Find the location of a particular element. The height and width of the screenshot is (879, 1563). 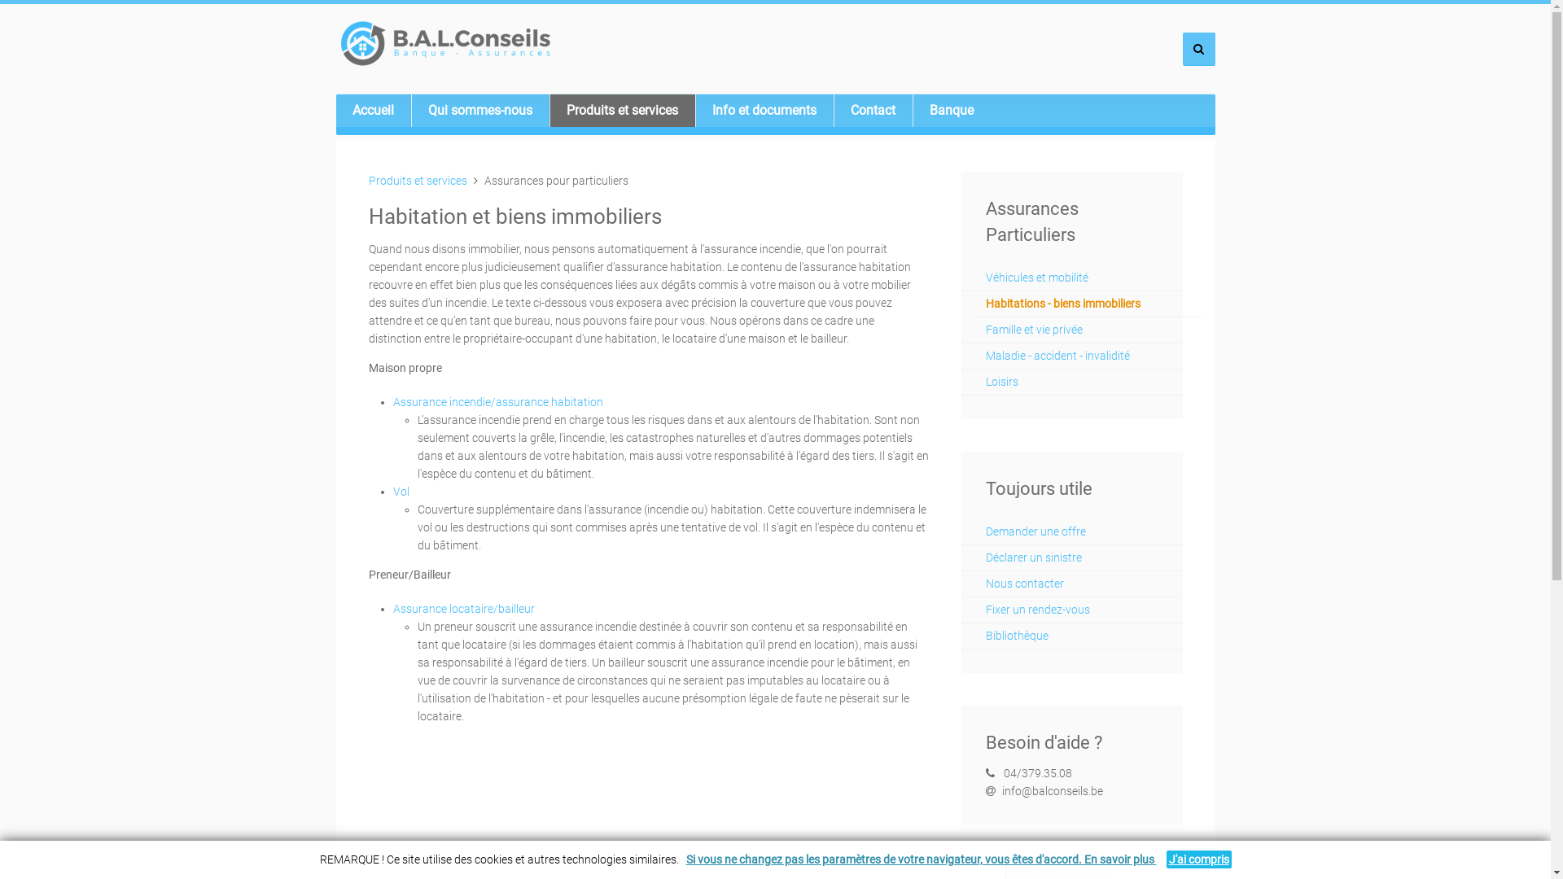

'Habitations - biens immobiliers' is located at coordinates (969, 304).